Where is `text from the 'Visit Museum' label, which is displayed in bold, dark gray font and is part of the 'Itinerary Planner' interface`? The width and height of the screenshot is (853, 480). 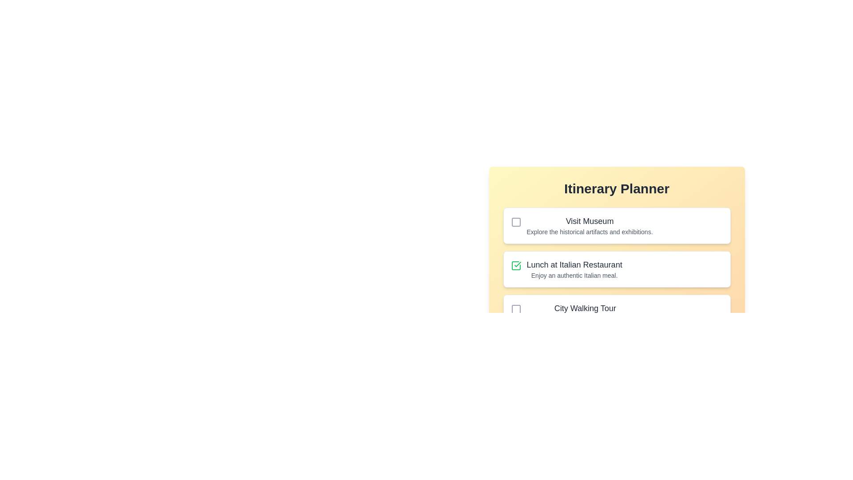 text from the 'Visit Museum' label, which is displayed in bold, dark gray font and is part of the 'Itinerary Planner' interface is located at coordinates (590, 220).